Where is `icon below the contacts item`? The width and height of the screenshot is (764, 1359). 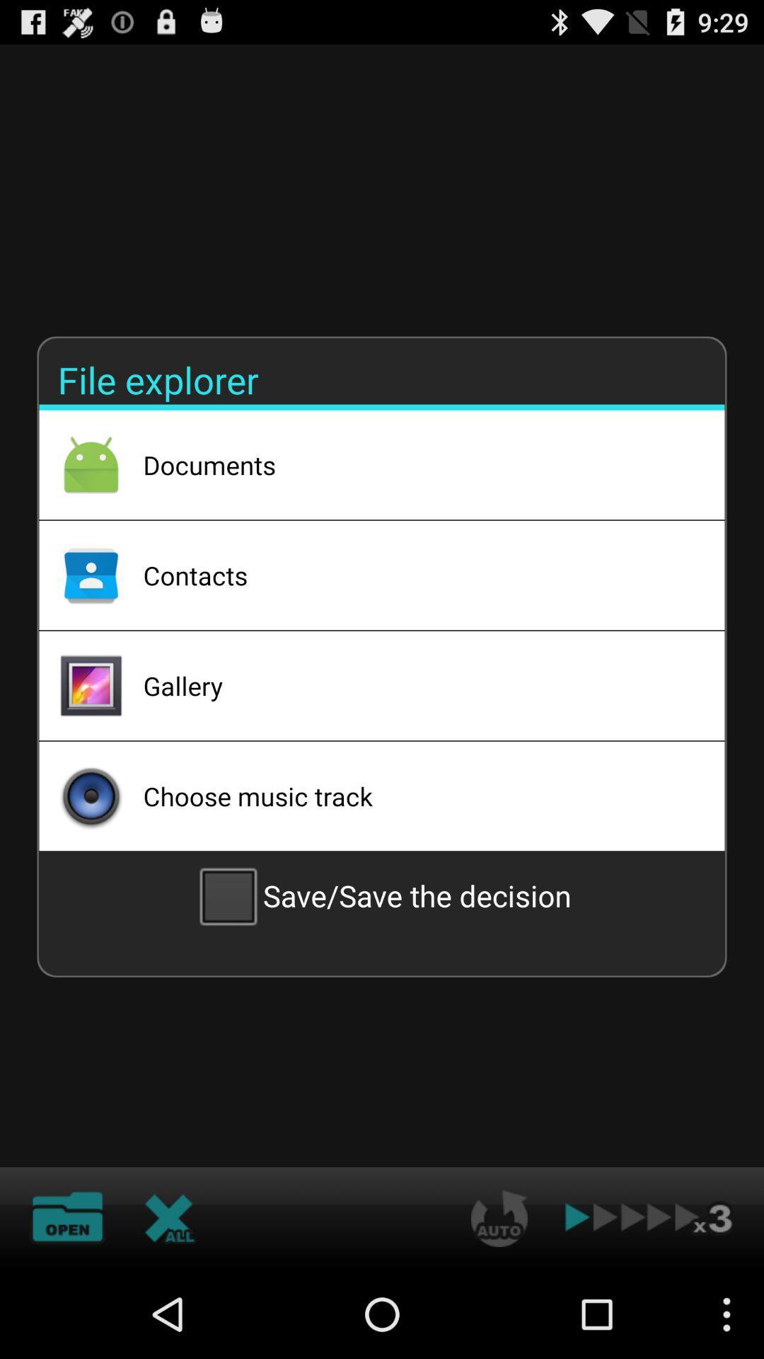
icon below the contacts item is located at coordinates (415, 686).